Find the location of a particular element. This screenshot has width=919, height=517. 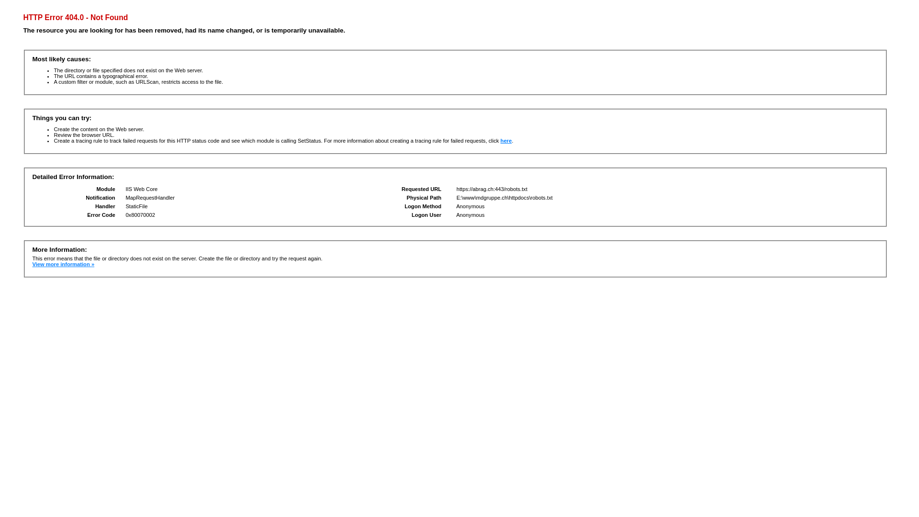

'here' is located at coordinates (505, 140).